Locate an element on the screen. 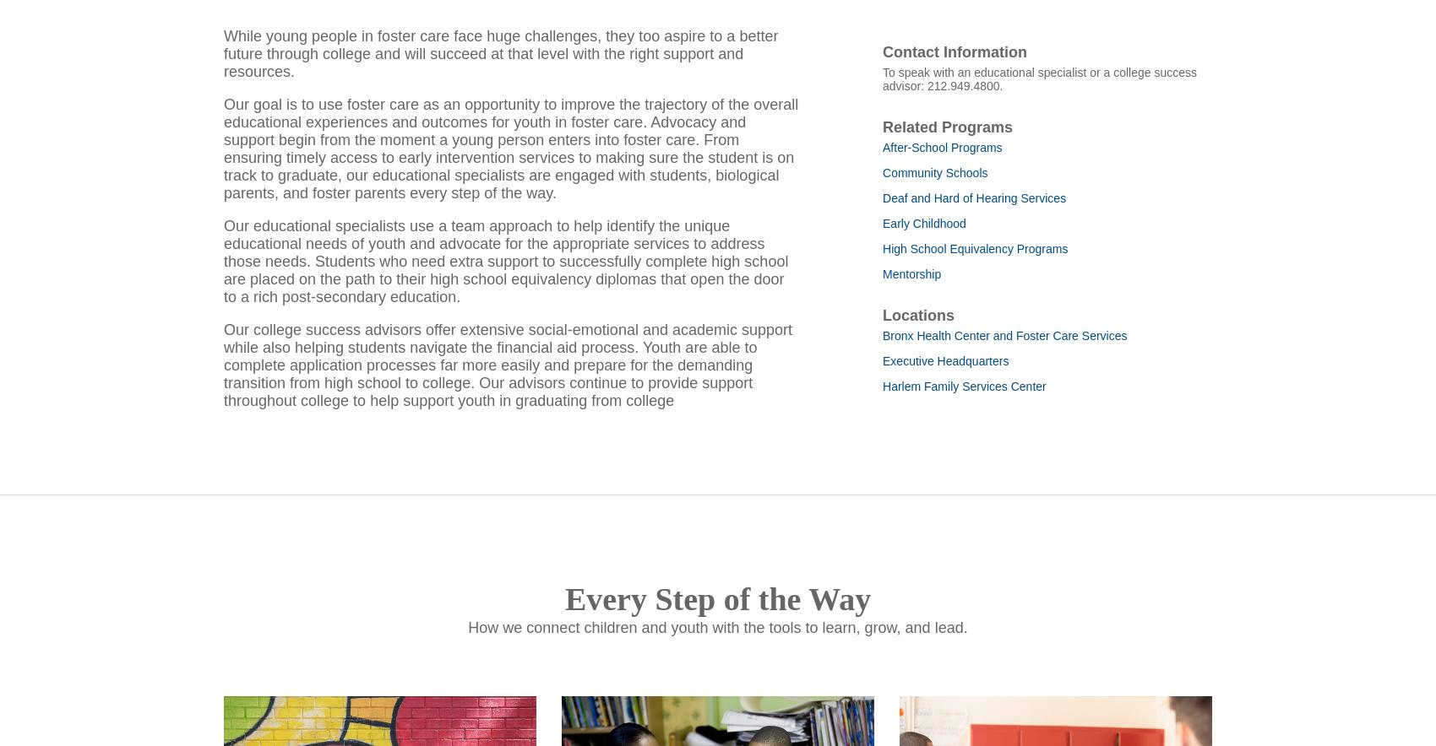  'While young people in foster care face huge challenges, they too aspire to a better future through college and will succeed at that level with the right support and resources.' is located at coordinates (499, 75).